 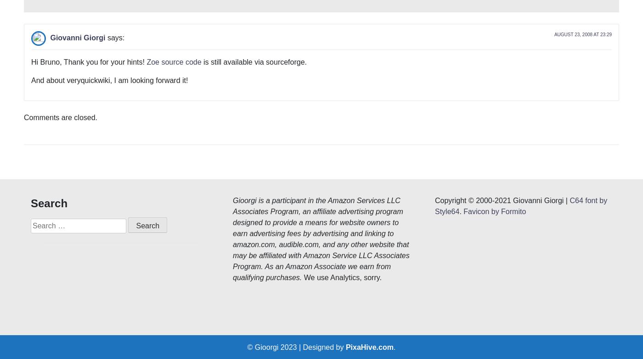 What do you see at coordinates (341, 140) in the screenshot?
I see `'We use Analytics, sorry.'` at bounding box center [341, 140].